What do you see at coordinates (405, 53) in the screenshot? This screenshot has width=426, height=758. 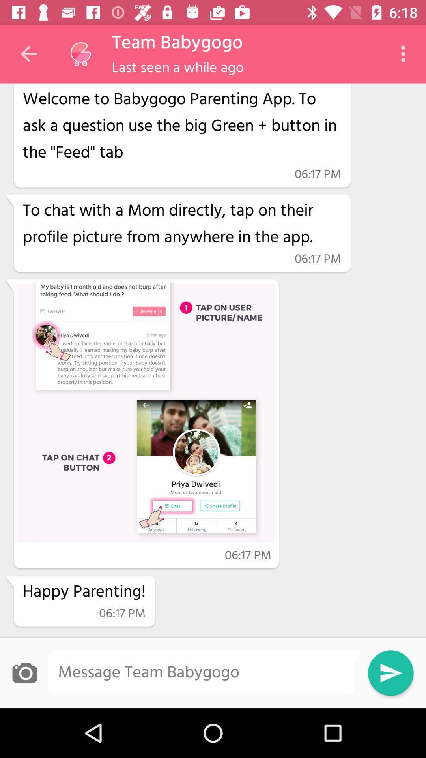 I see `icon to the right of the hi app crawler item` at bounding box center [405, 53].